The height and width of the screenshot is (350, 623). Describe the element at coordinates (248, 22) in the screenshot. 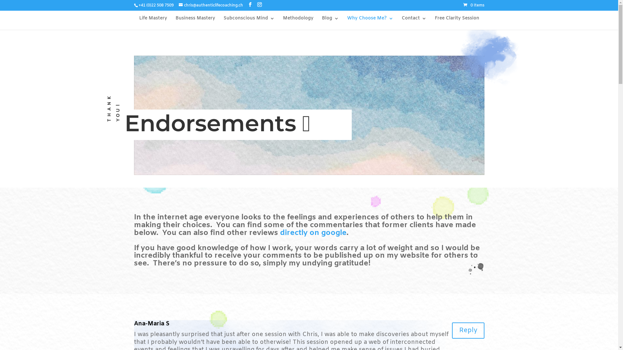

I see `'Subconscious Mind'` at that location.